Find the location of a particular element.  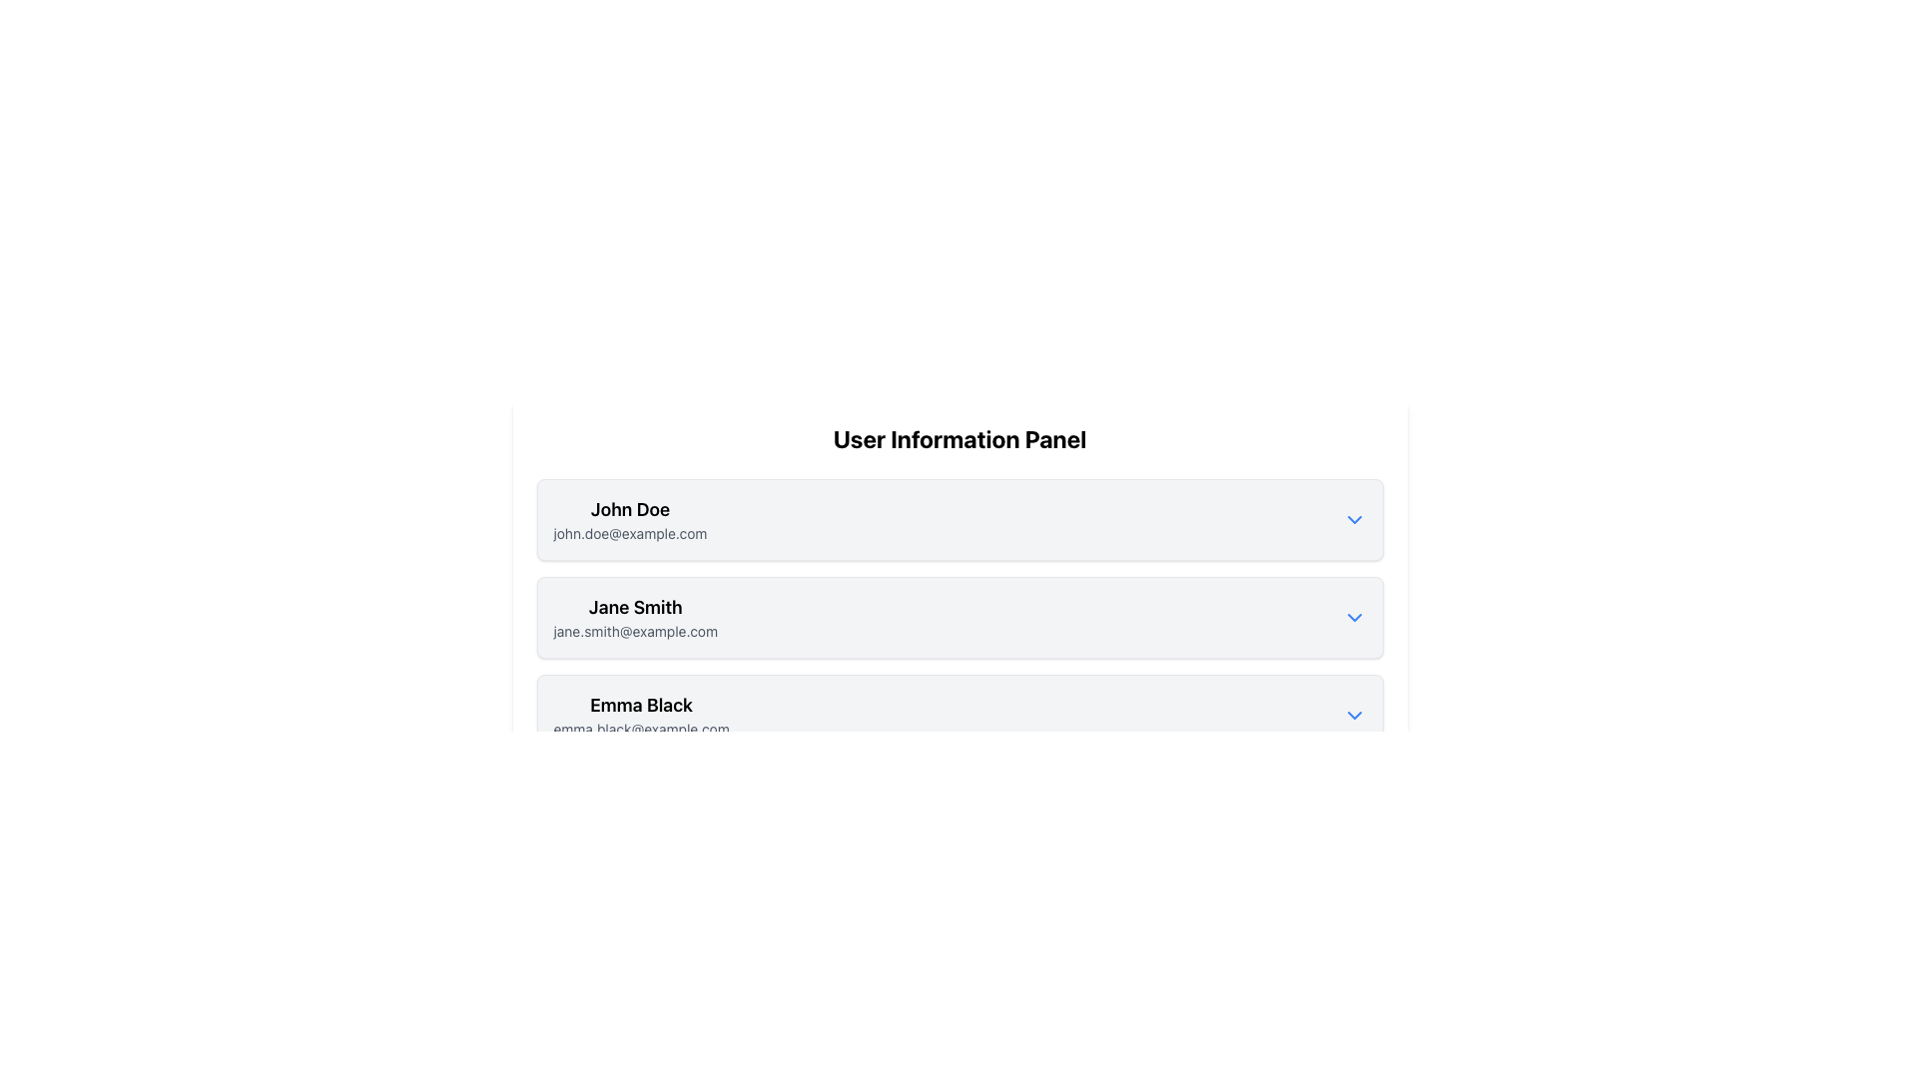

the bold text label 'John Doe' in the User Information Panel for potential actions is located at coordinates (629, 508).